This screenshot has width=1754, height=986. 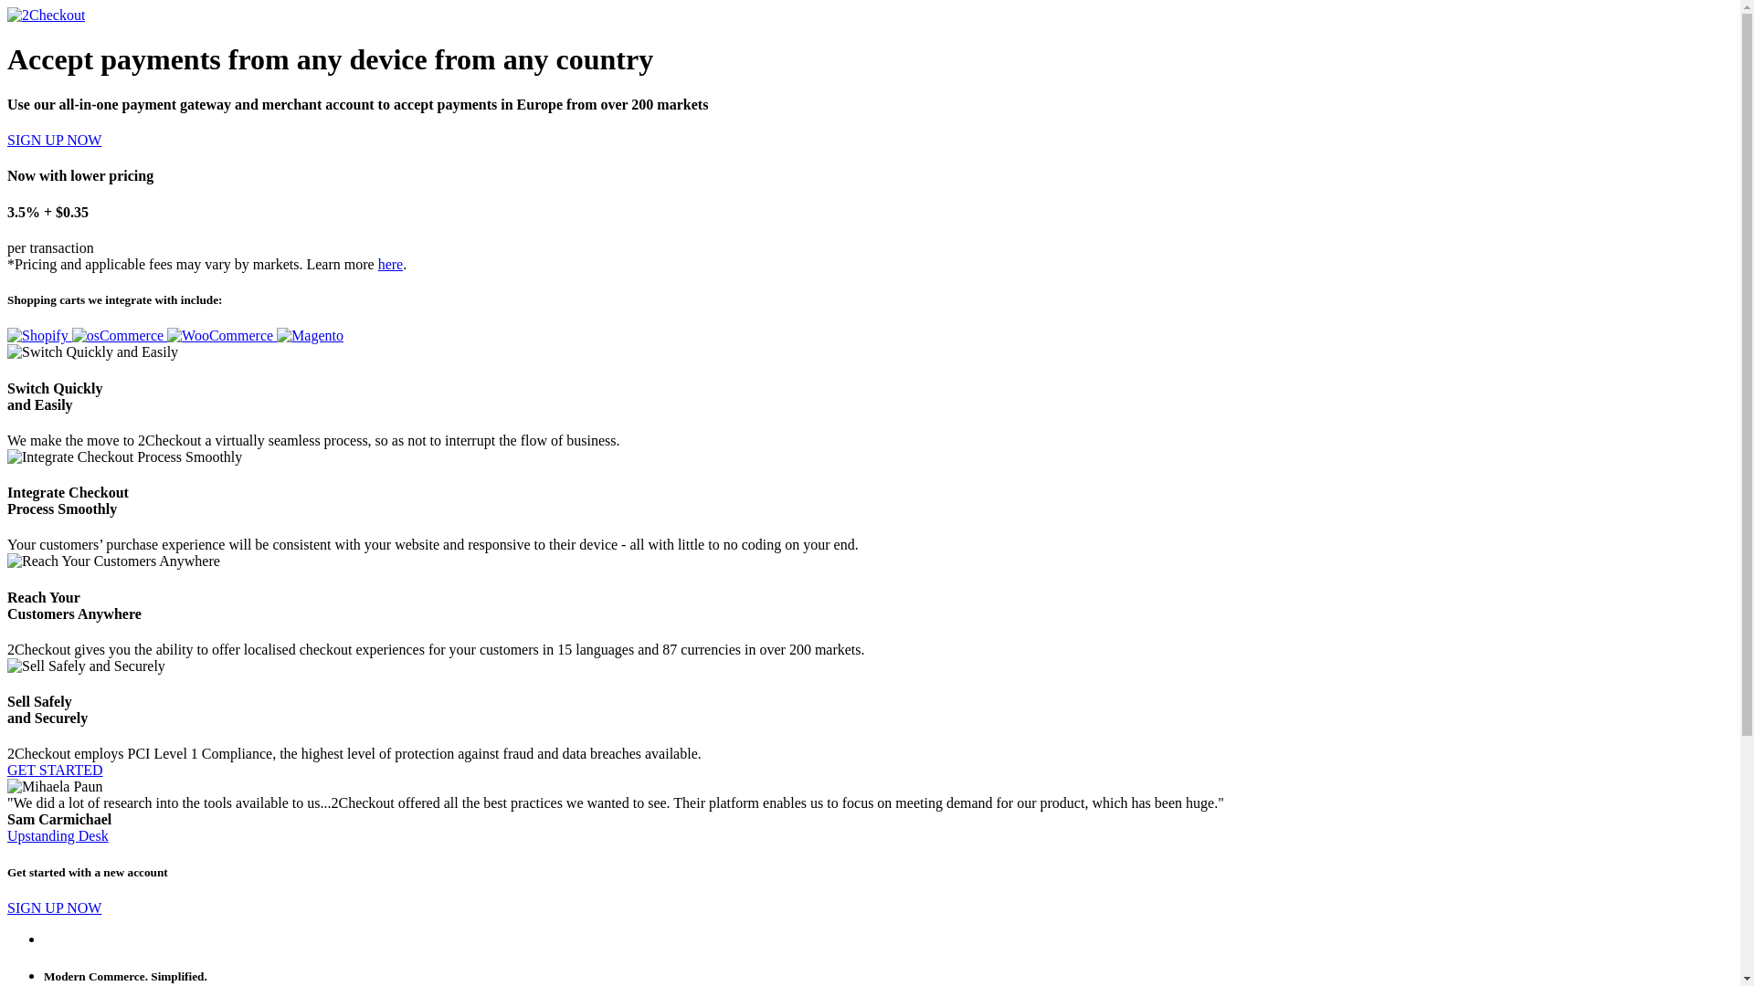 I want to click on 'SIGN UP NOW', so click(x=54, y=139).